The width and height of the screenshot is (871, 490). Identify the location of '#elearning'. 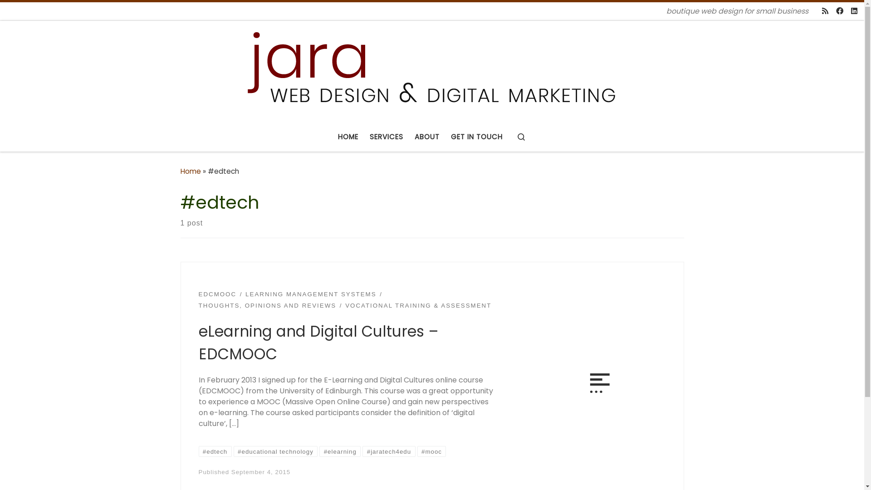
(339, 451).